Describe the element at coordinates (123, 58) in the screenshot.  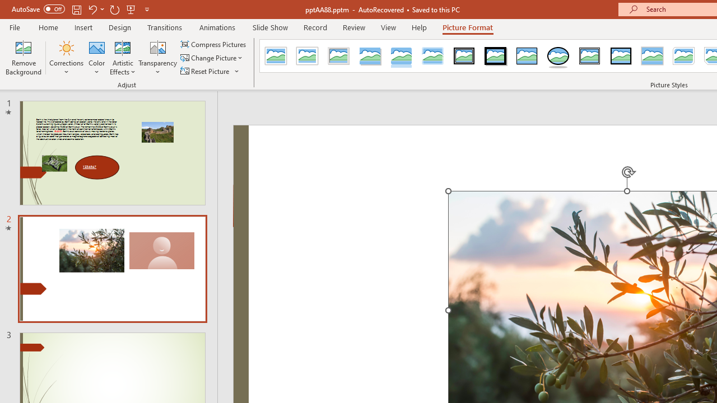
I see `'Artistic Effects'` at that location.